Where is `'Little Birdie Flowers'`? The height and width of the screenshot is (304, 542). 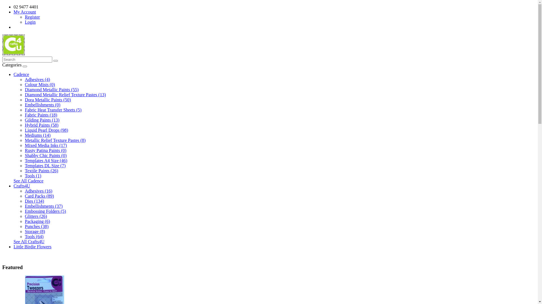
'Little Birdie Flowers' is located at coordinates (14, 246).